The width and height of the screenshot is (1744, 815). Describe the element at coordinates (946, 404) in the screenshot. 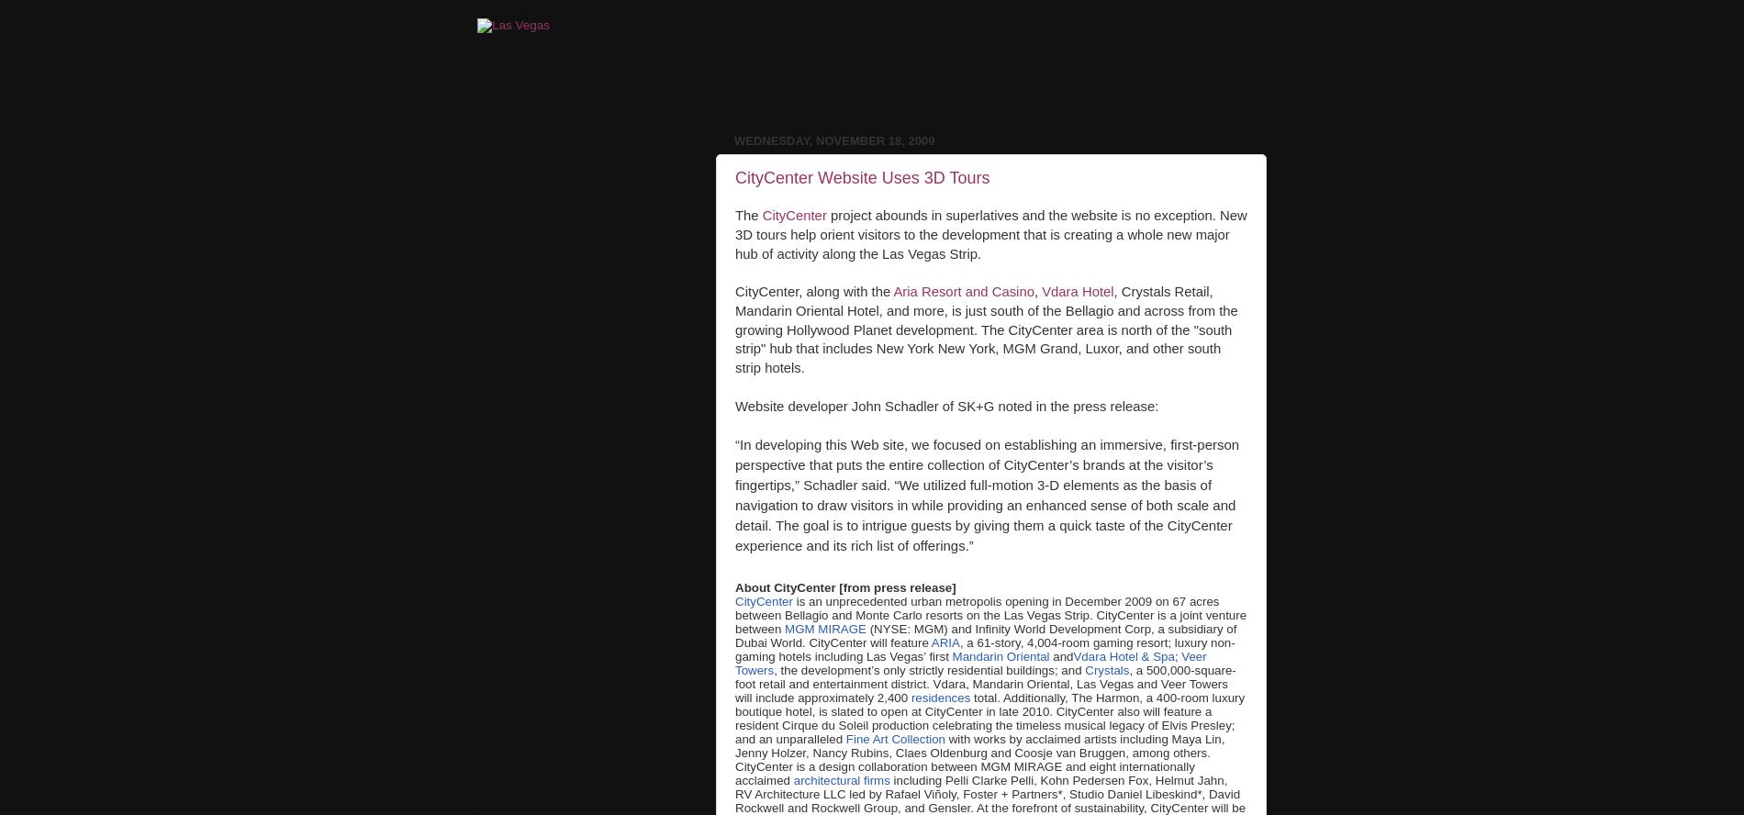

I see `'Website developer John Schadler of SK+G noted in the press release:'` at that location.